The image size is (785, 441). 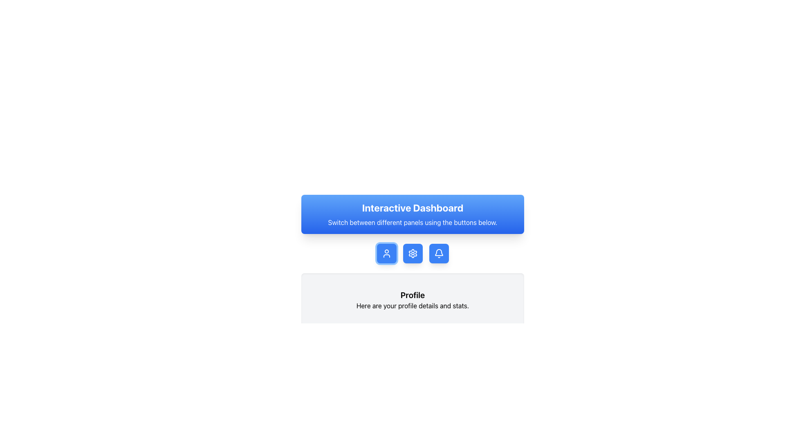 I want to click on the settings button located below 'Interactive Dashboard' and above 'Profile', so click(x=413, y=253).